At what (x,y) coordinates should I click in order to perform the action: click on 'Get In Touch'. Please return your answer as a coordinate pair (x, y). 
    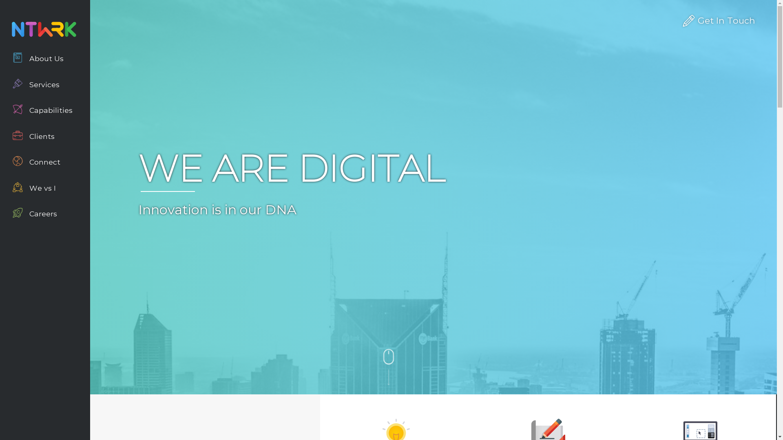
    Looking at the image, I should click on (681, 20).